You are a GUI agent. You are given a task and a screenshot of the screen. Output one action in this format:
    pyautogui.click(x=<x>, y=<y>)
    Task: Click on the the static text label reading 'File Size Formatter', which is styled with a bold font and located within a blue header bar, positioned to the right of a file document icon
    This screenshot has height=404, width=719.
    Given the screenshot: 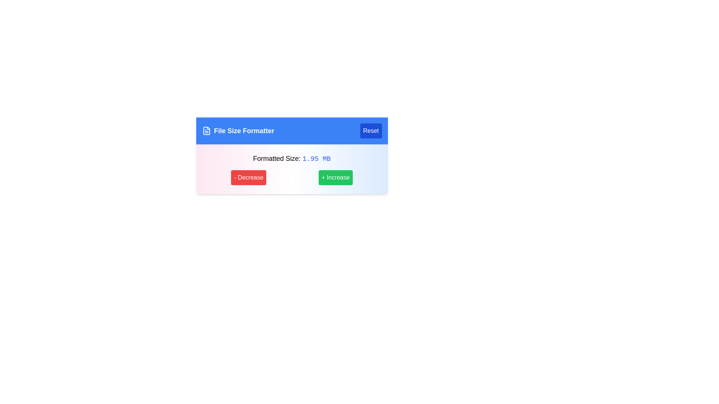 What is the action you would take?
    pyautogui.click(x=244, y=131)
    